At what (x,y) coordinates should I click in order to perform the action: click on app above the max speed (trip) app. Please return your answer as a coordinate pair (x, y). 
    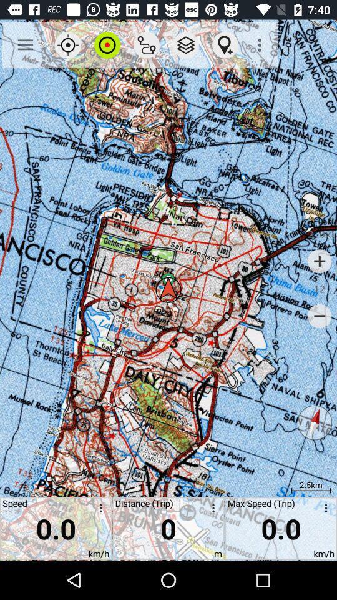
    Looking at the image, I should click on (260, 45).